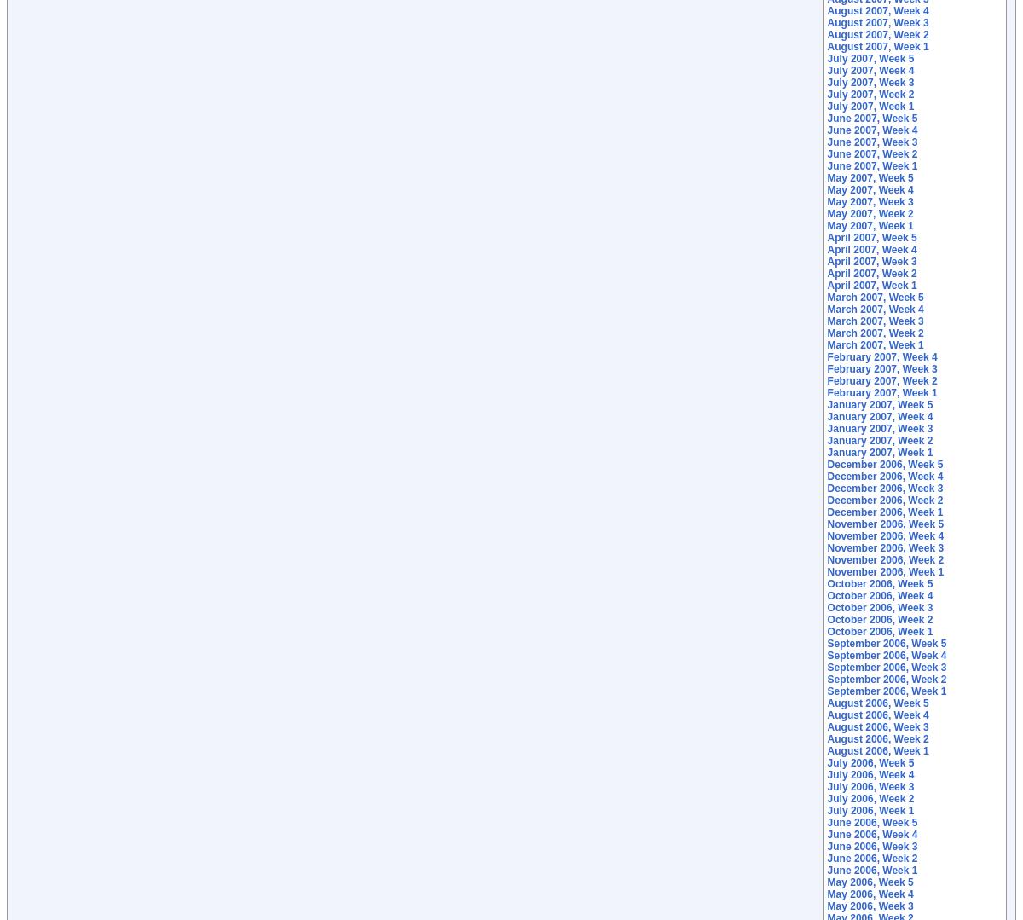  I want to click on 'February 2007, Week 4', so click(826, 356).